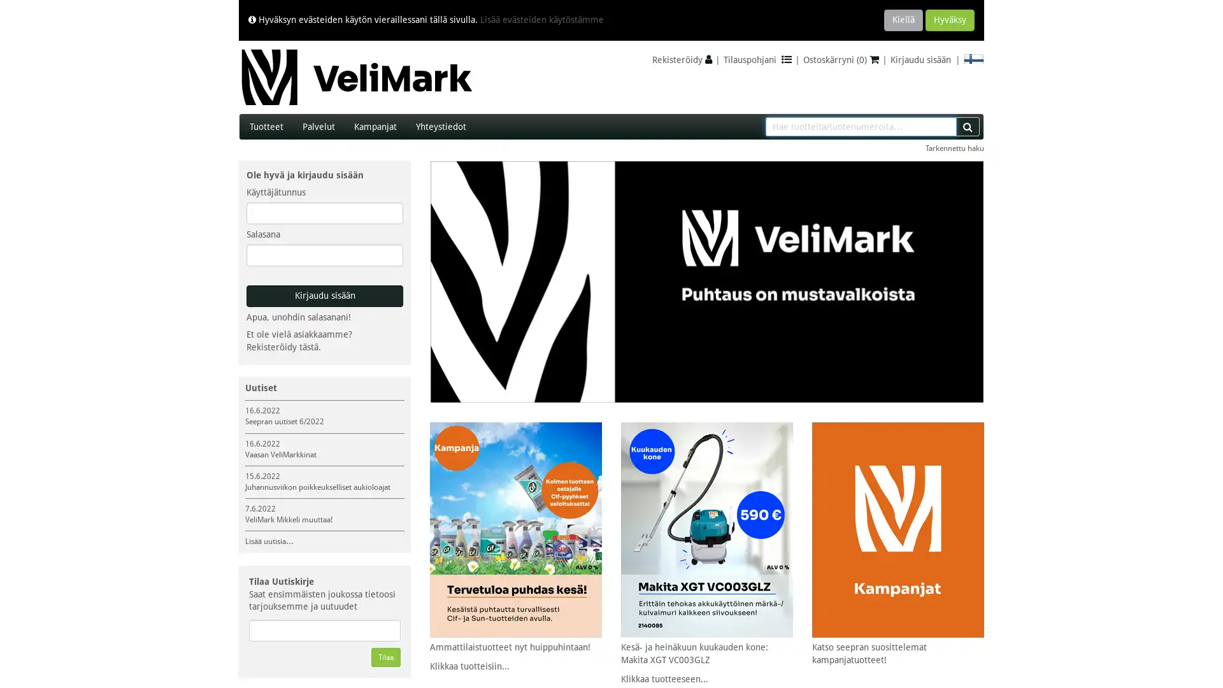 The height and width of the screenshot is (688, 1223). I want to click on Kirjaudu sisaan, so click(324, 296).